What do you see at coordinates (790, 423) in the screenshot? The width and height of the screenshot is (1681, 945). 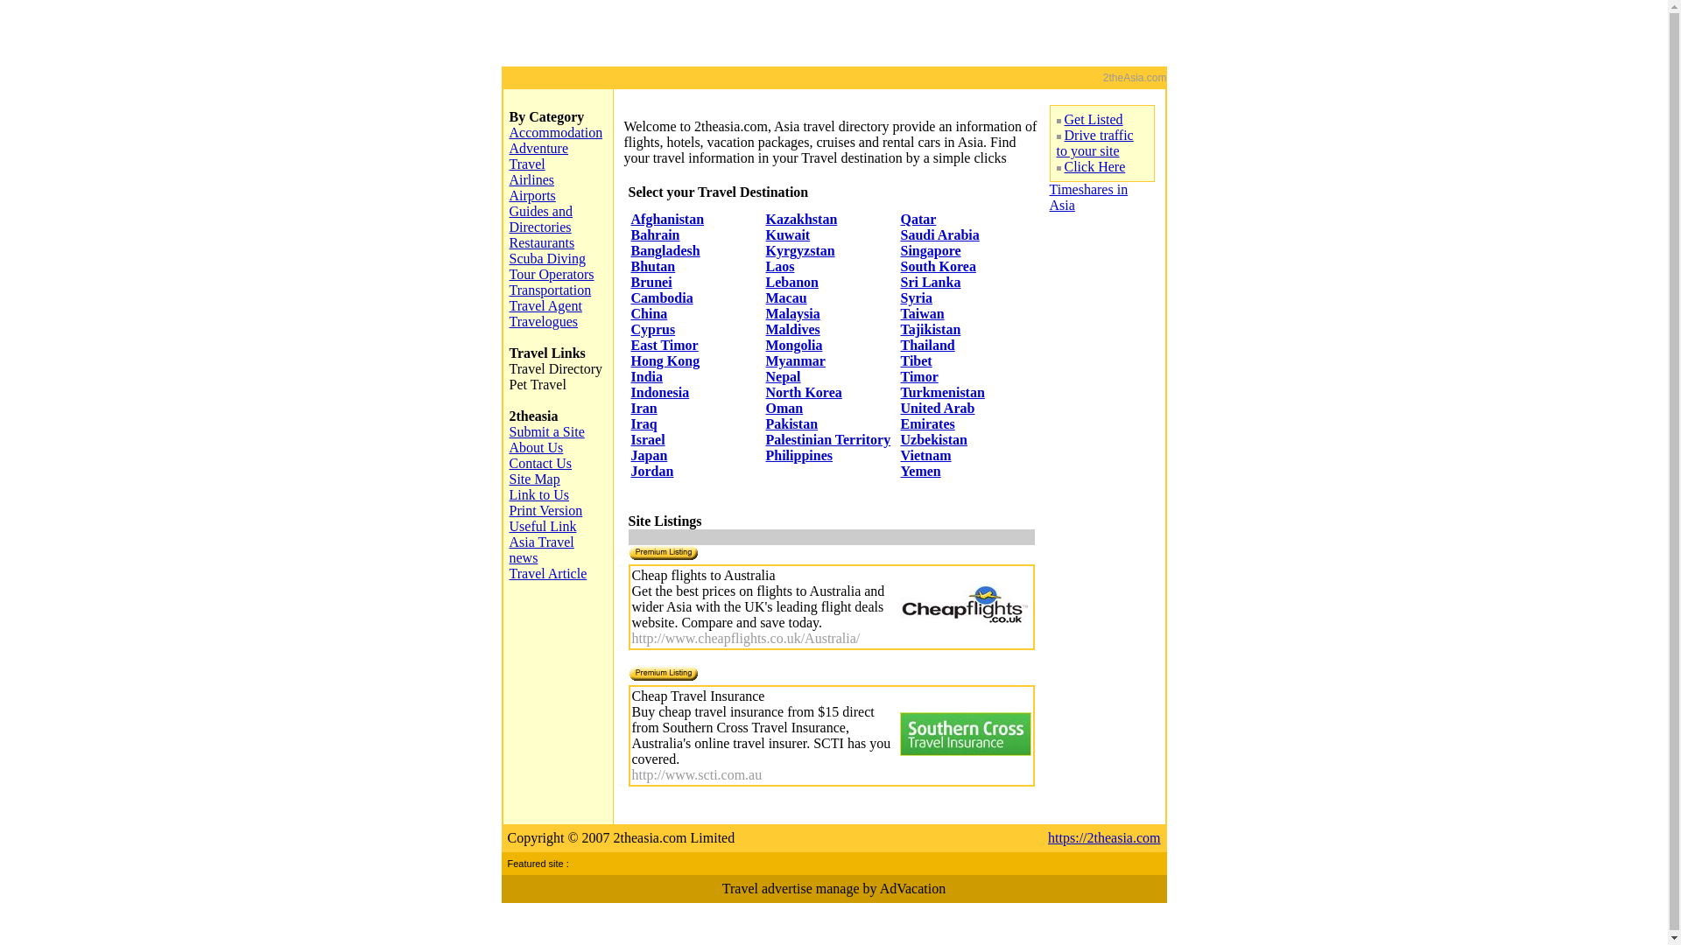 I see `'Pakistan'` at bounding box center [790, 423].